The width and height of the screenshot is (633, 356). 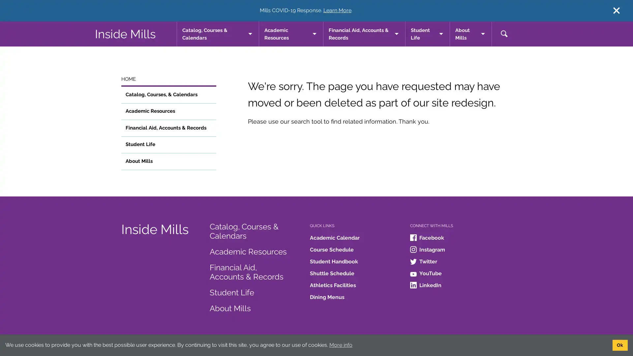 What do you see at coordinates (619, 344) in the screenshot?
I see `dismiss cookie message` at bounding box center [619, 344].